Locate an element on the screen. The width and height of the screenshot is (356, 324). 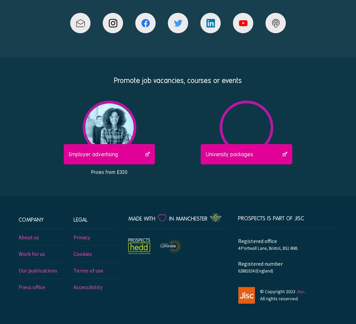
'University packages' is located at coordinates (230, 154).